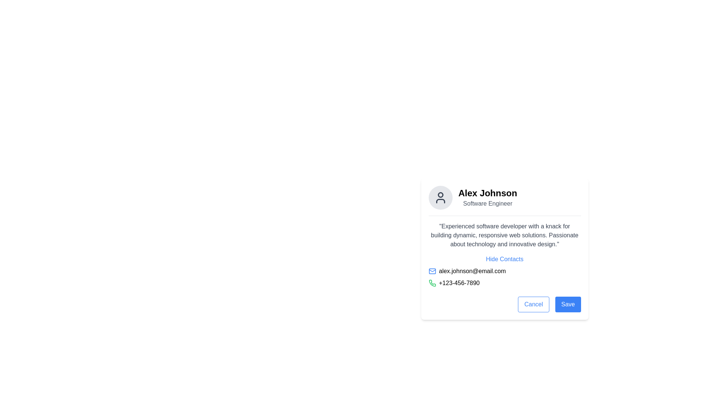 The image size is (717, 403). I want to click on user's name displayed in the text label located at the top of the profile section, centered above the 'Software Engineer' text and next to the avatar image, so click(488, 193).